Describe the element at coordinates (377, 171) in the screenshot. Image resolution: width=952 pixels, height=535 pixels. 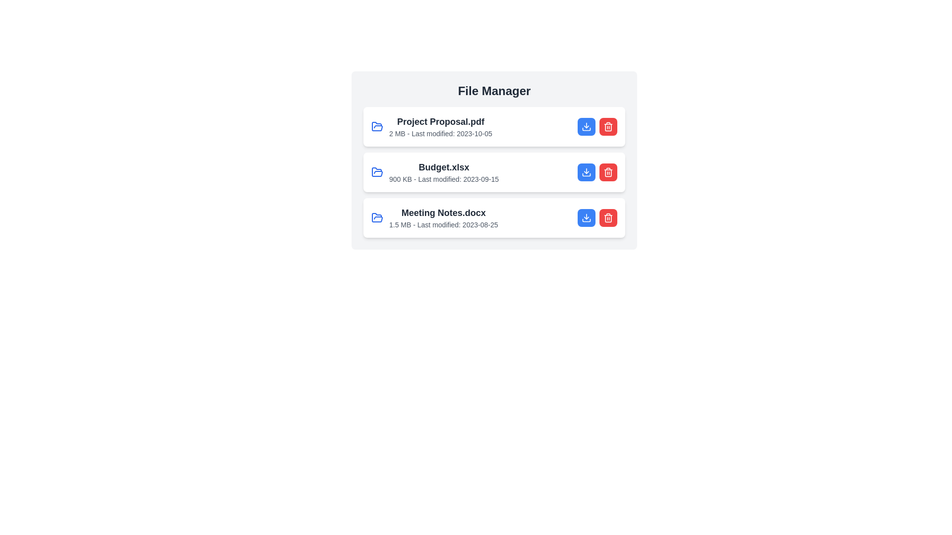
I see `the file icon corresponding to Budget.xlsx` at that location.